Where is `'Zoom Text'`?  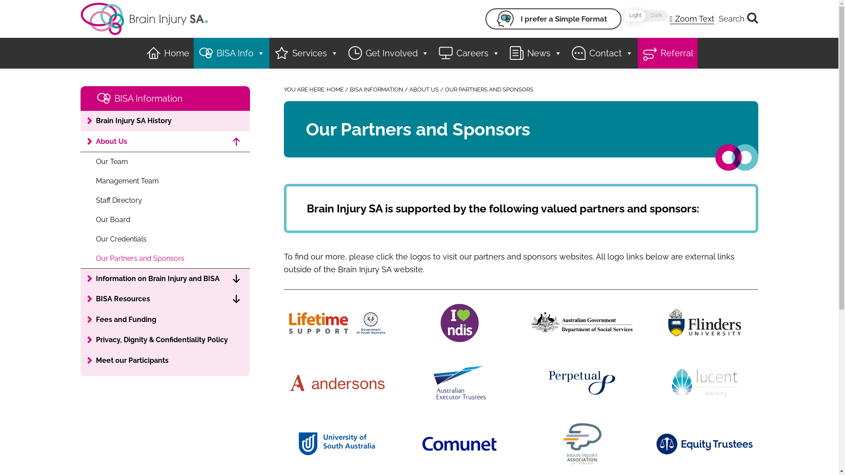
'Zoom Text' is located at coordinates (691, 19).